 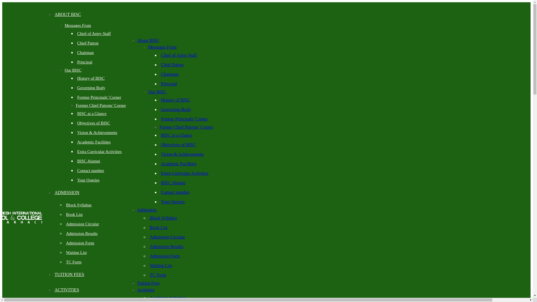 I want to click on 'Activities', so click(x=146, y=289).